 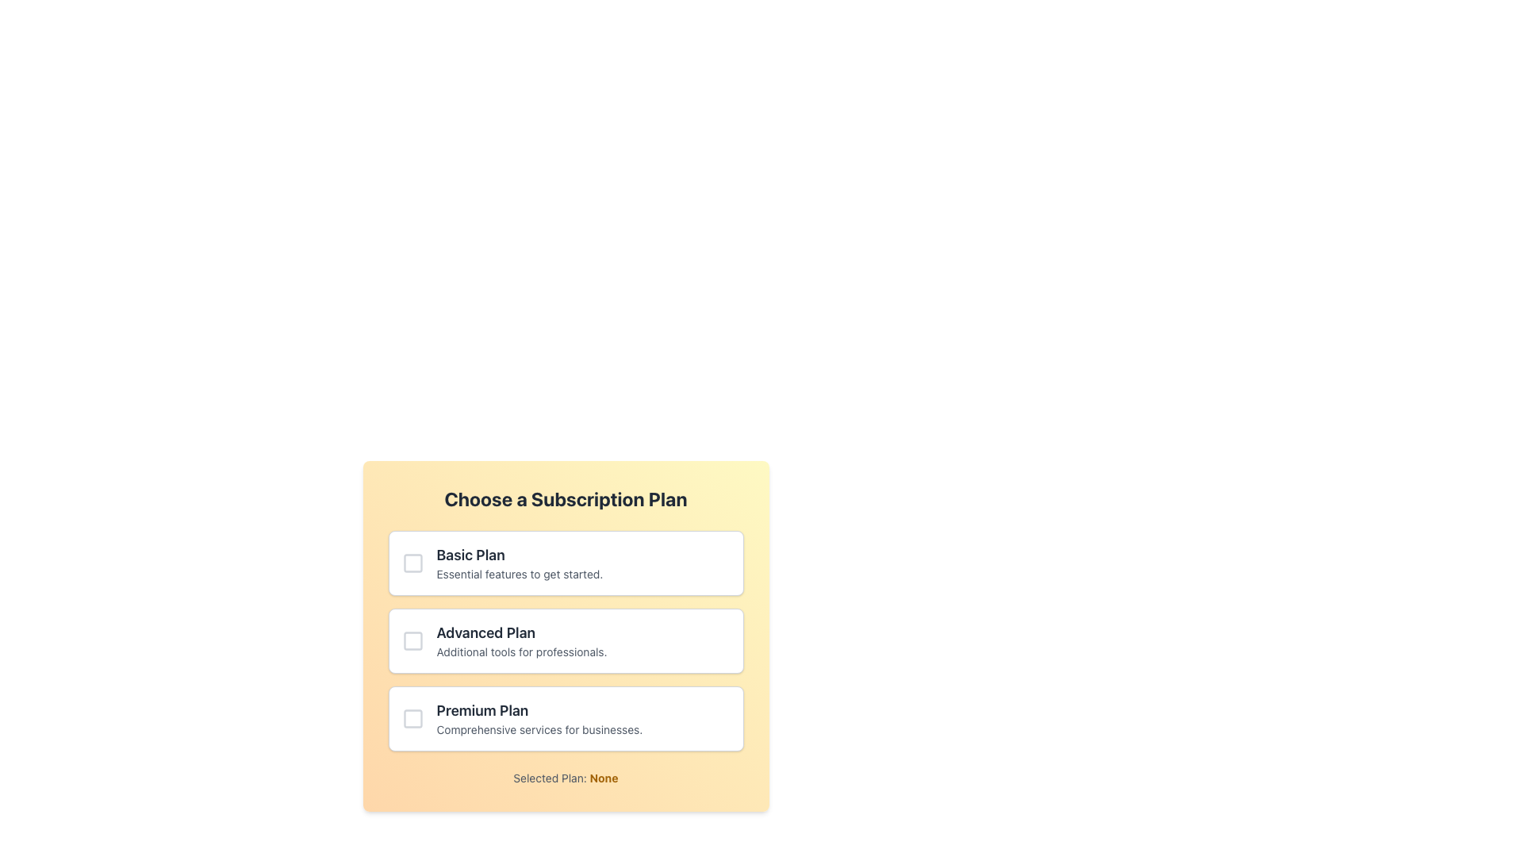 I want to click on informational content about the 'Basic Plan' subscription from the first Informational Text Block displayed below the heading 'Choose a Subscription Plan', so click(x=582, y=562).